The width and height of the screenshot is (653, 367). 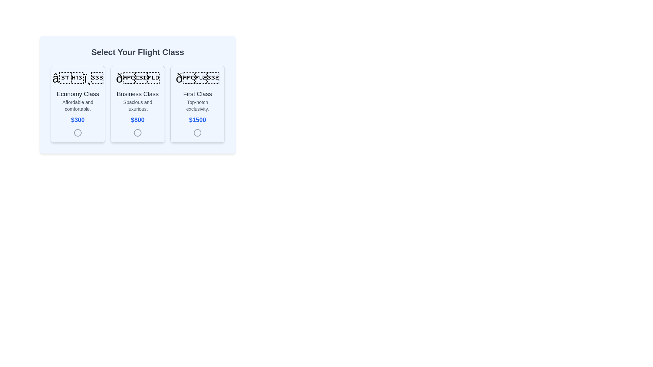 I want to click on the Text Label that provides additional information about the 'First Class' flight option, located below the title 'First Class' and above the price '$1500', so click(x=197, y=106).